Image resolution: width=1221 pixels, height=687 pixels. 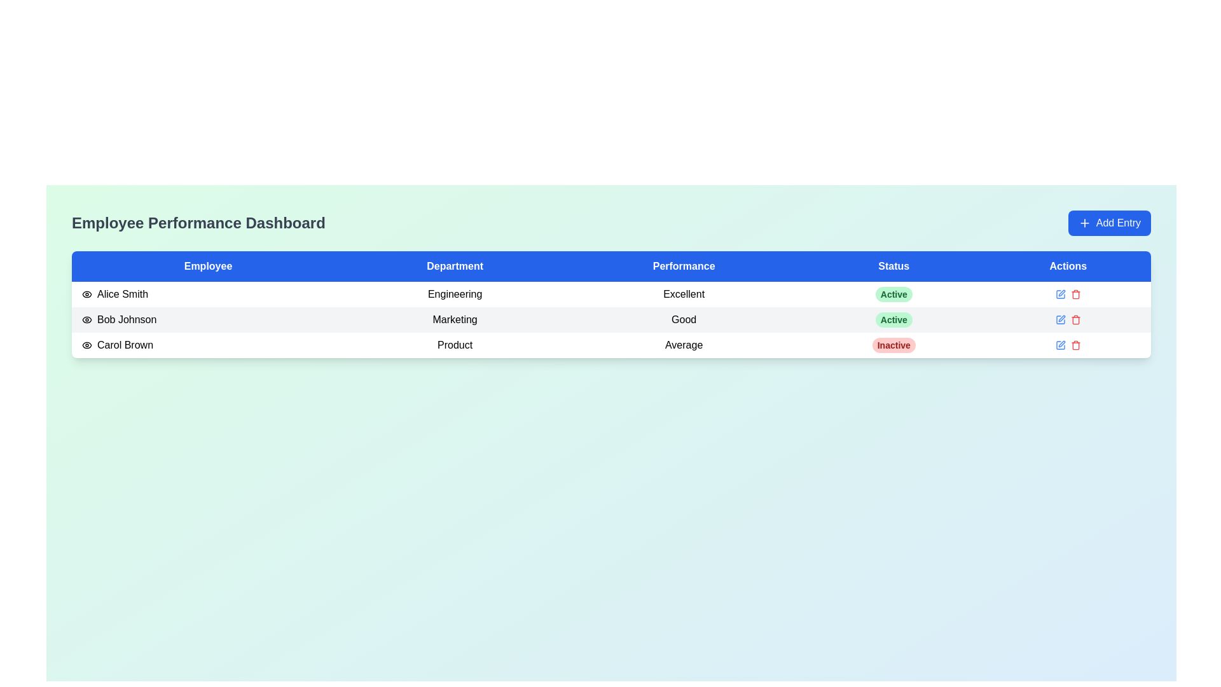 I want to click on the 'Department' text label in the first row of the table, which indicates the department associated with the employee, positioned between 'Alice Smith' and 'Excellent', so click(x=455, y=294).